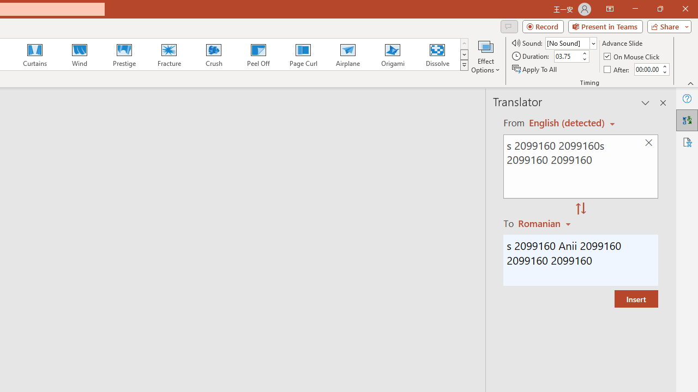 This screenshot has height=392, width=698. I want to click on 'Prestige', so click(124, 54).